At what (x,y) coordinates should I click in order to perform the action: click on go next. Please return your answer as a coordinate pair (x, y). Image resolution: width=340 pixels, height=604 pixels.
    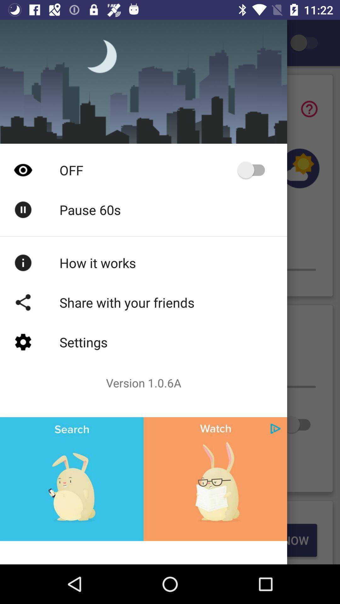
    Looking at the image, I should click on (275, 428).